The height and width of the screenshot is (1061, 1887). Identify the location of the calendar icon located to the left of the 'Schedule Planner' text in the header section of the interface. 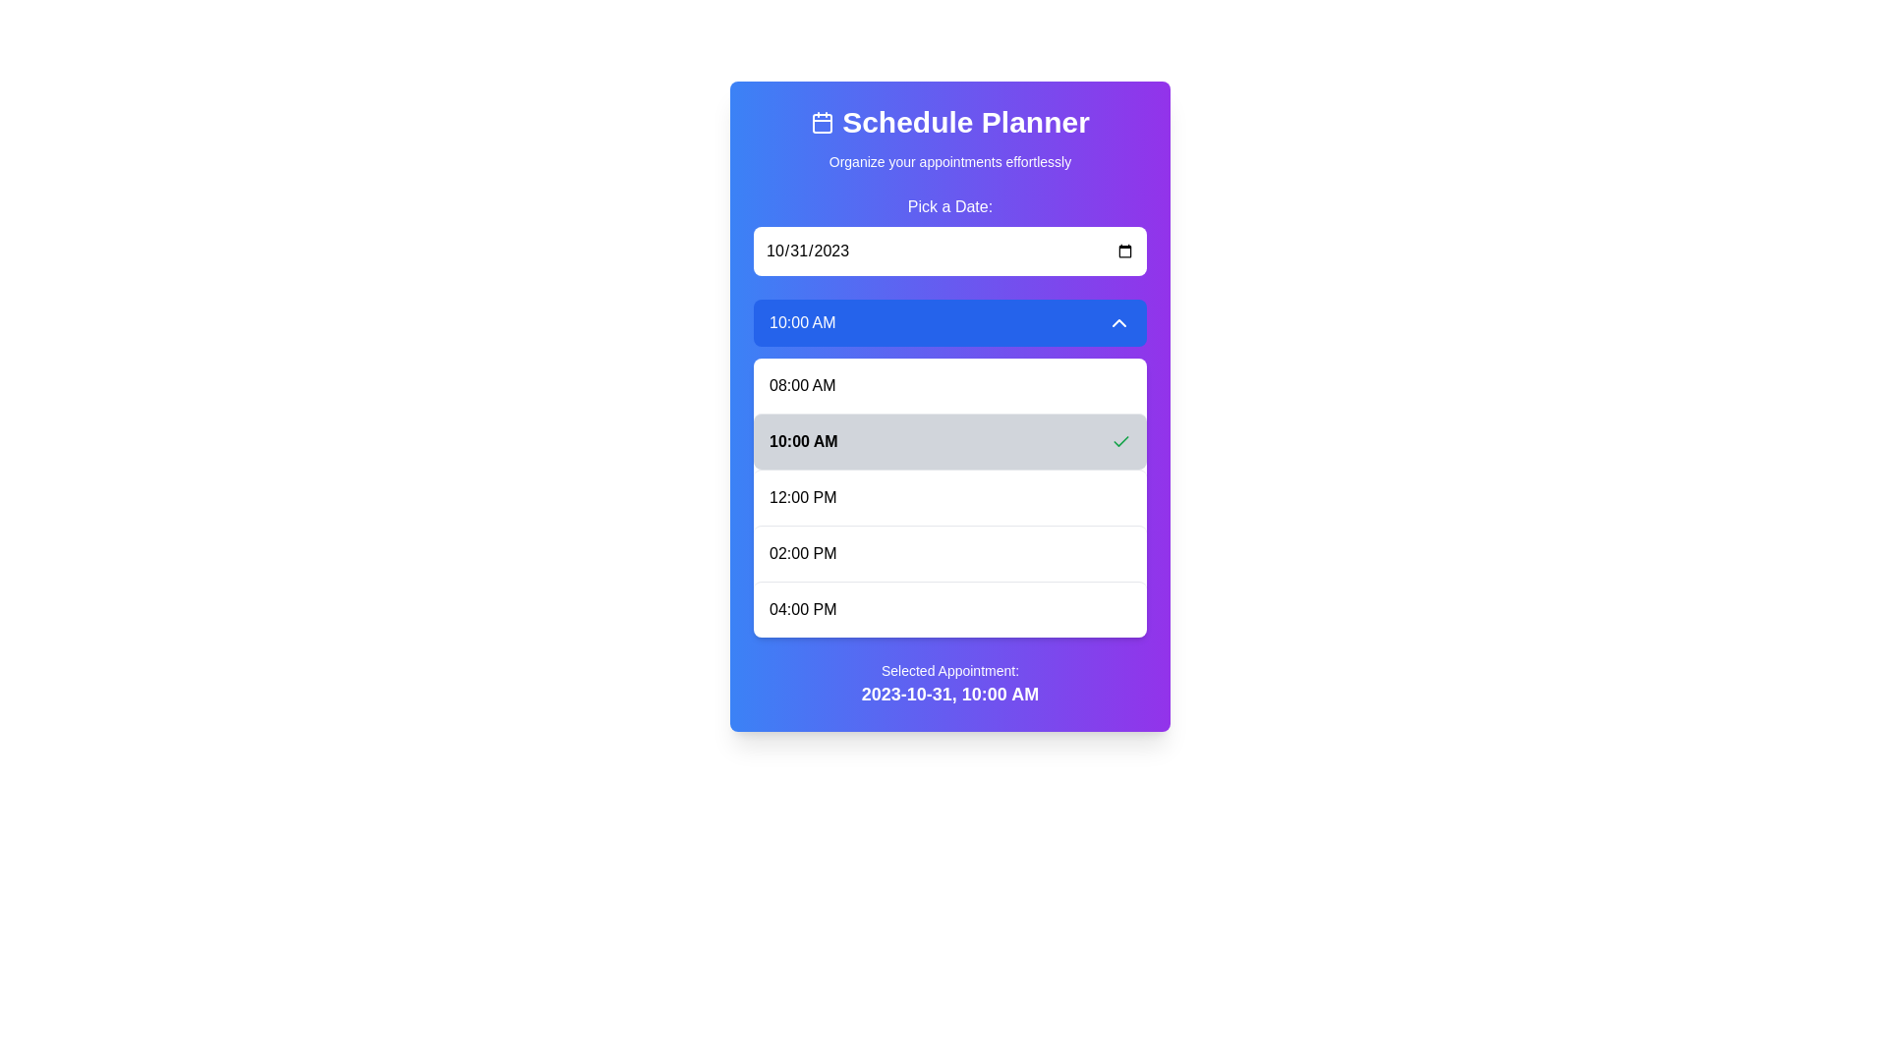
(823, 122).